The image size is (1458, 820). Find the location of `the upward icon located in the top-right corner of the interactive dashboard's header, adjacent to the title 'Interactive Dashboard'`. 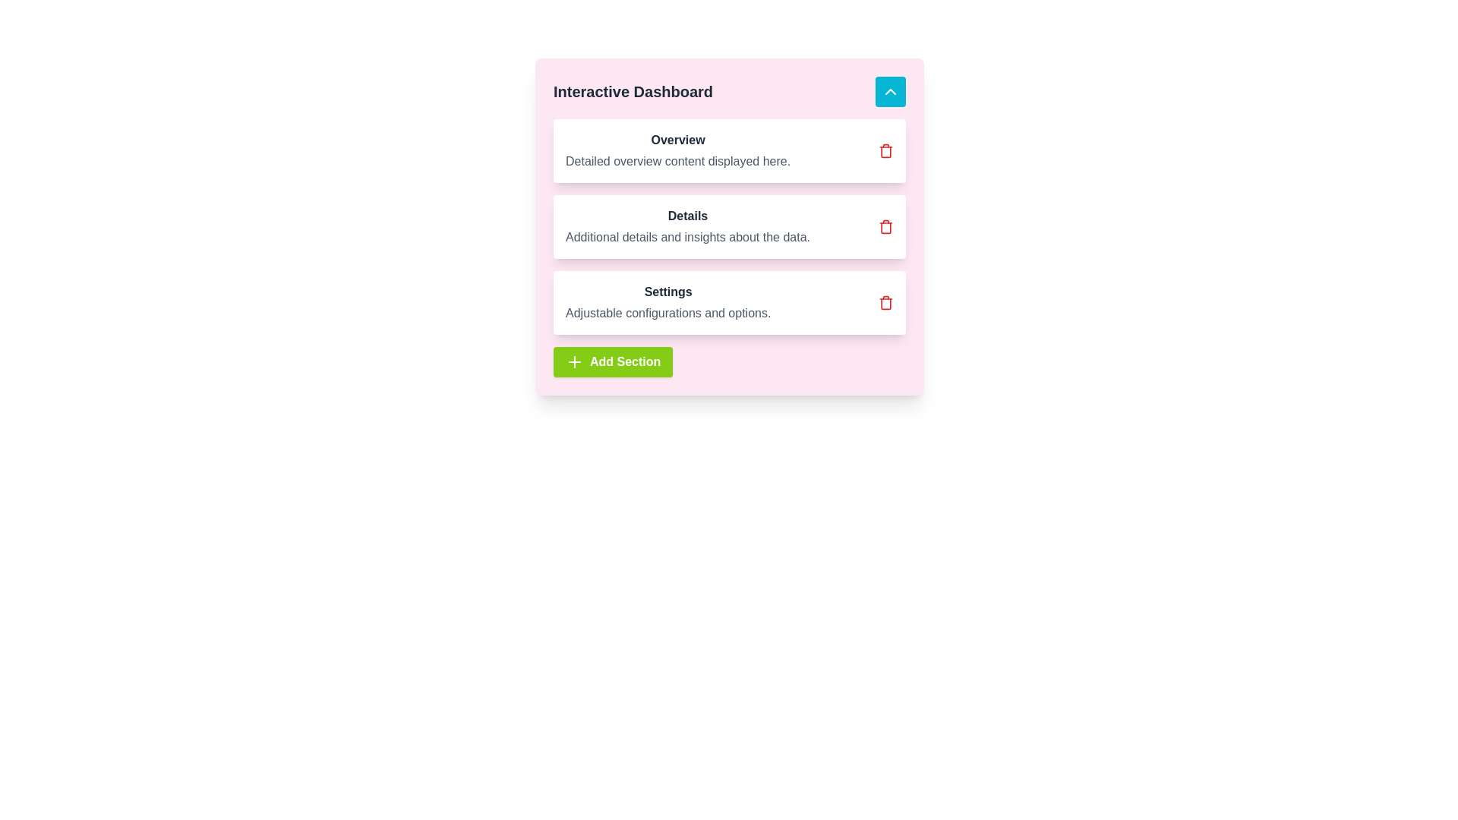

the upward icon located in the top-right corner of the interactive dashboard's header, adjacent to the title 'Interactive Dashboard' is located at coordinates (890, 91).